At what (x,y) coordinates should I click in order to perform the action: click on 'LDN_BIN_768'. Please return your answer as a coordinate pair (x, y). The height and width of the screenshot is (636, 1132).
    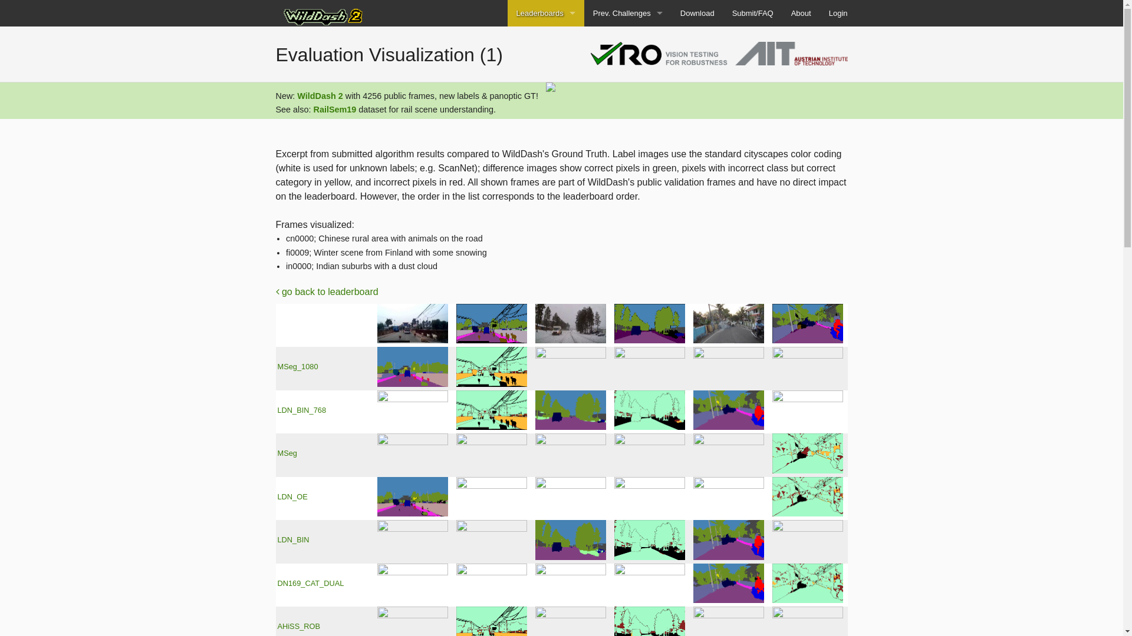
    Looking at the image, I should click on (301, 409).